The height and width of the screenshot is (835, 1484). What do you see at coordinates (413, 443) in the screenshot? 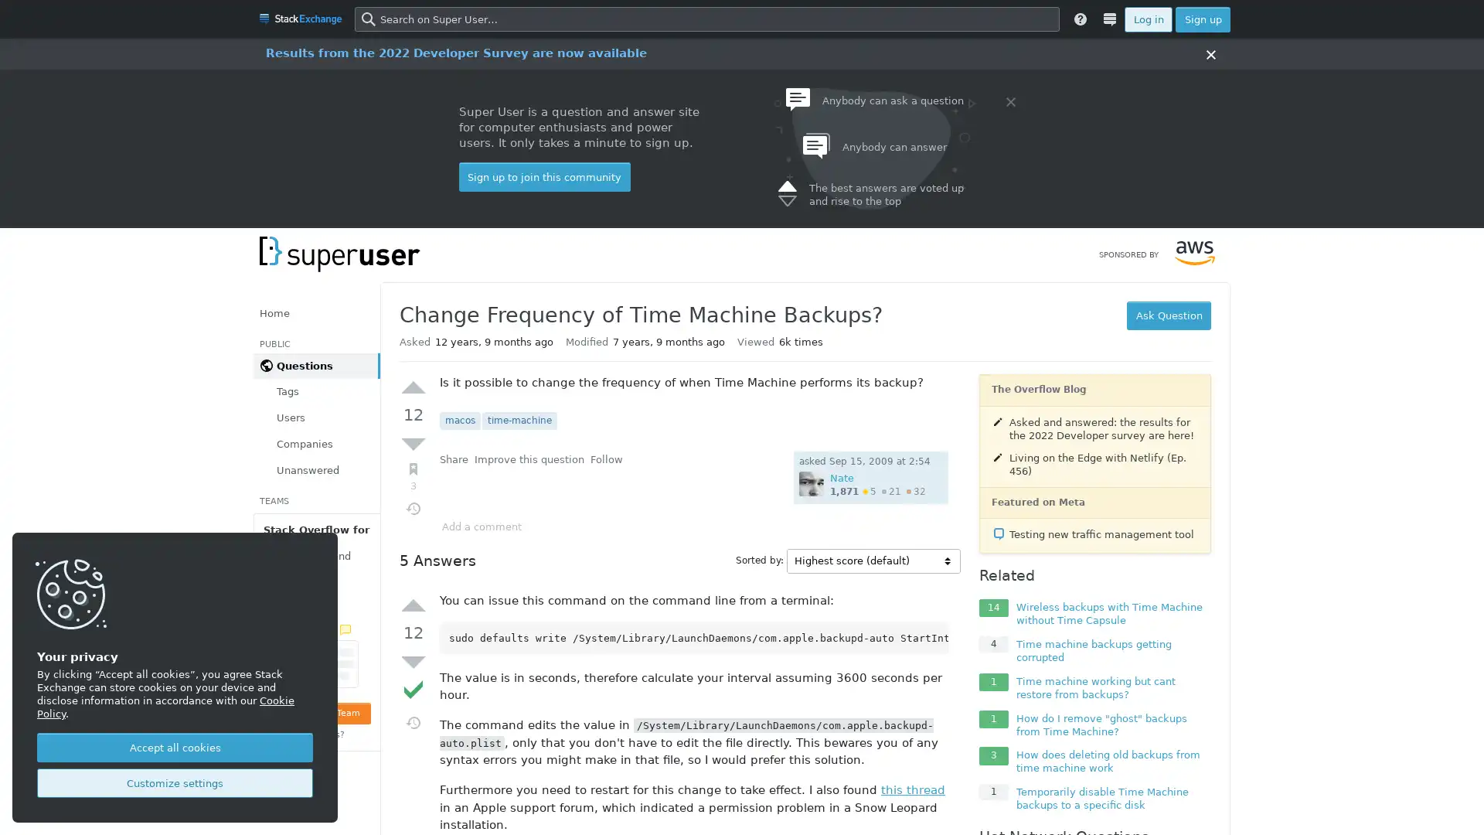
I see `Down vote` at bounding box center [413, 443].